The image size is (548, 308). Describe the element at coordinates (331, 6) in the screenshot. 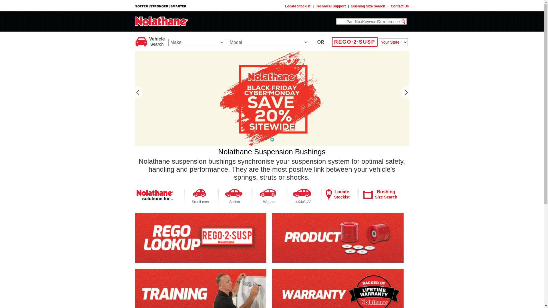

I see `'Technical Support'` at that location.